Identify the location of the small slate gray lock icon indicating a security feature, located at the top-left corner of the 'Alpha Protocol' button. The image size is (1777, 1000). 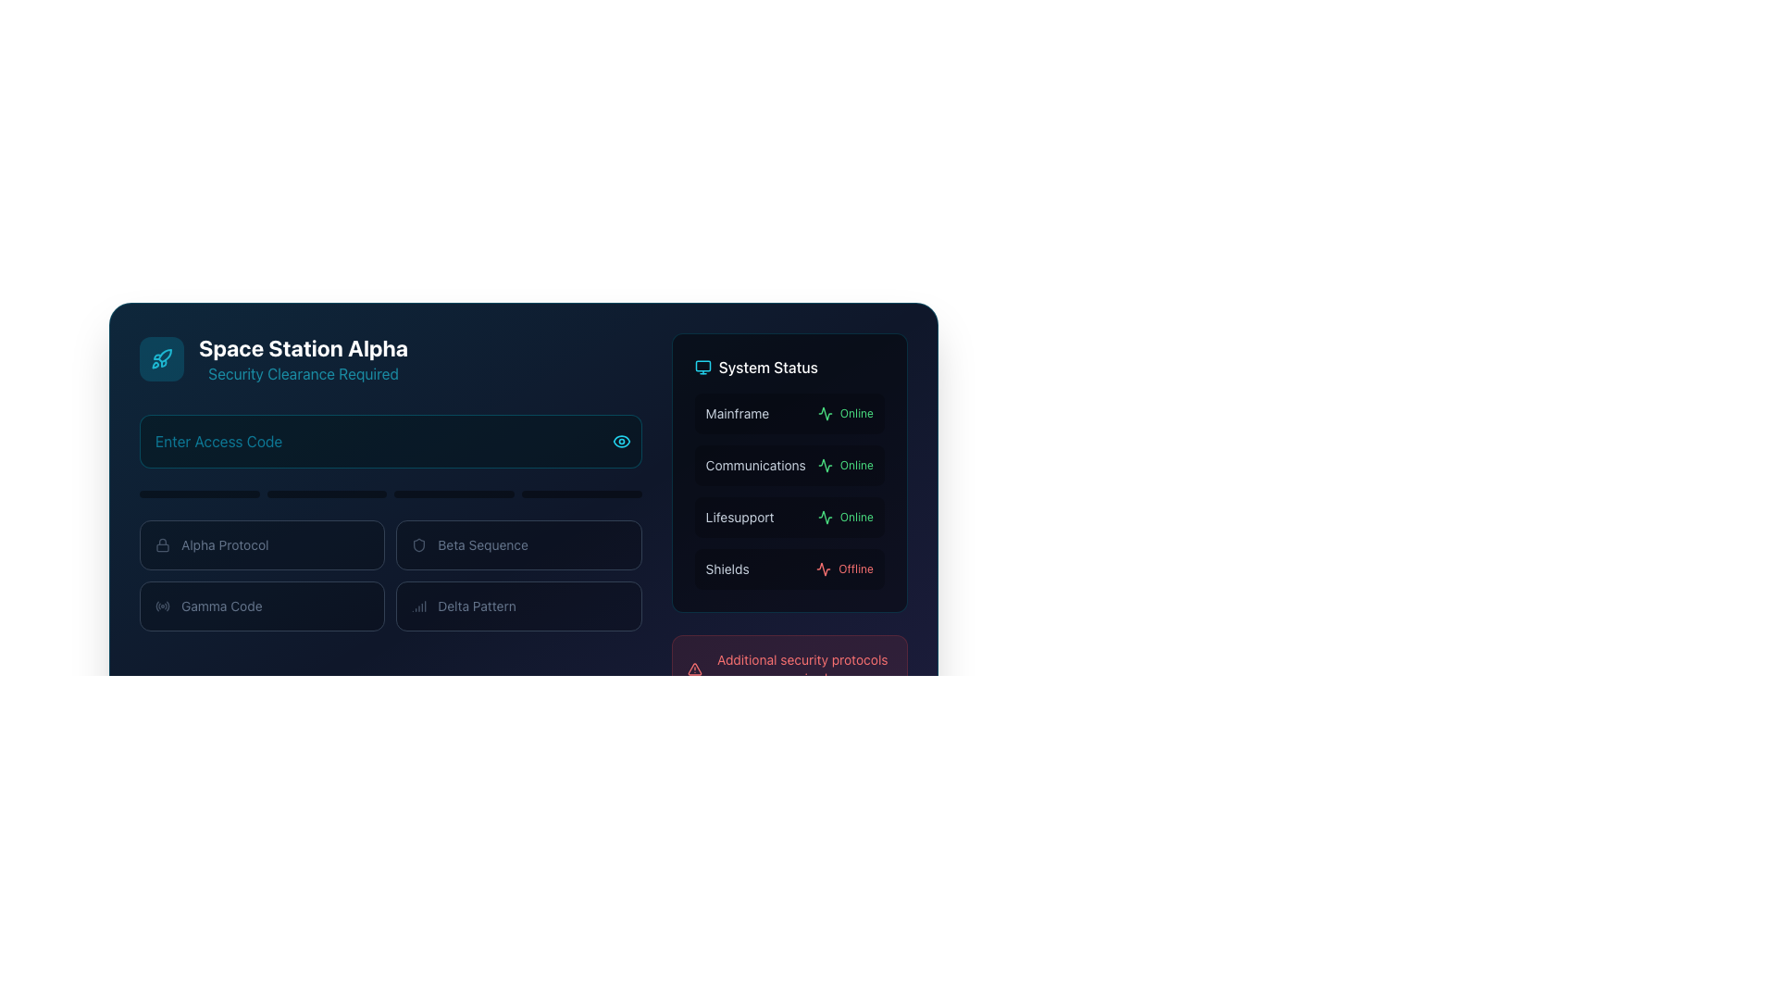
(163, 544).